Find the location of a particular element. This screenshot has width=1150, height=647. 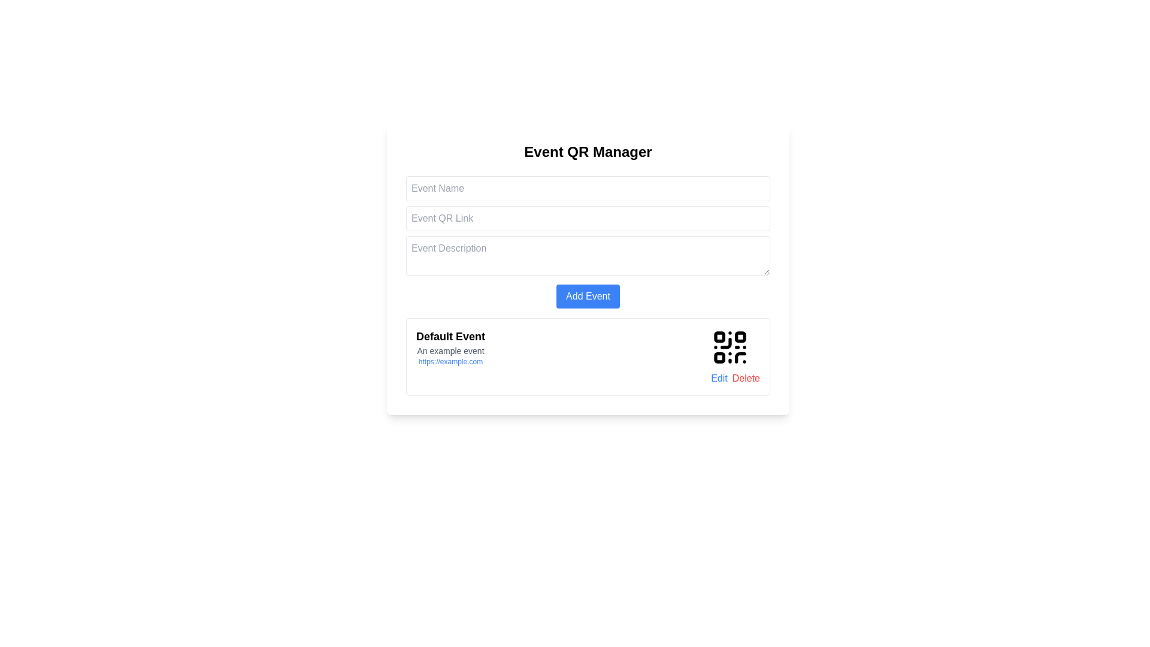

the 'Delete' textual link, which is styled with red text and located below the QR code is located at coordinates (745, 379).